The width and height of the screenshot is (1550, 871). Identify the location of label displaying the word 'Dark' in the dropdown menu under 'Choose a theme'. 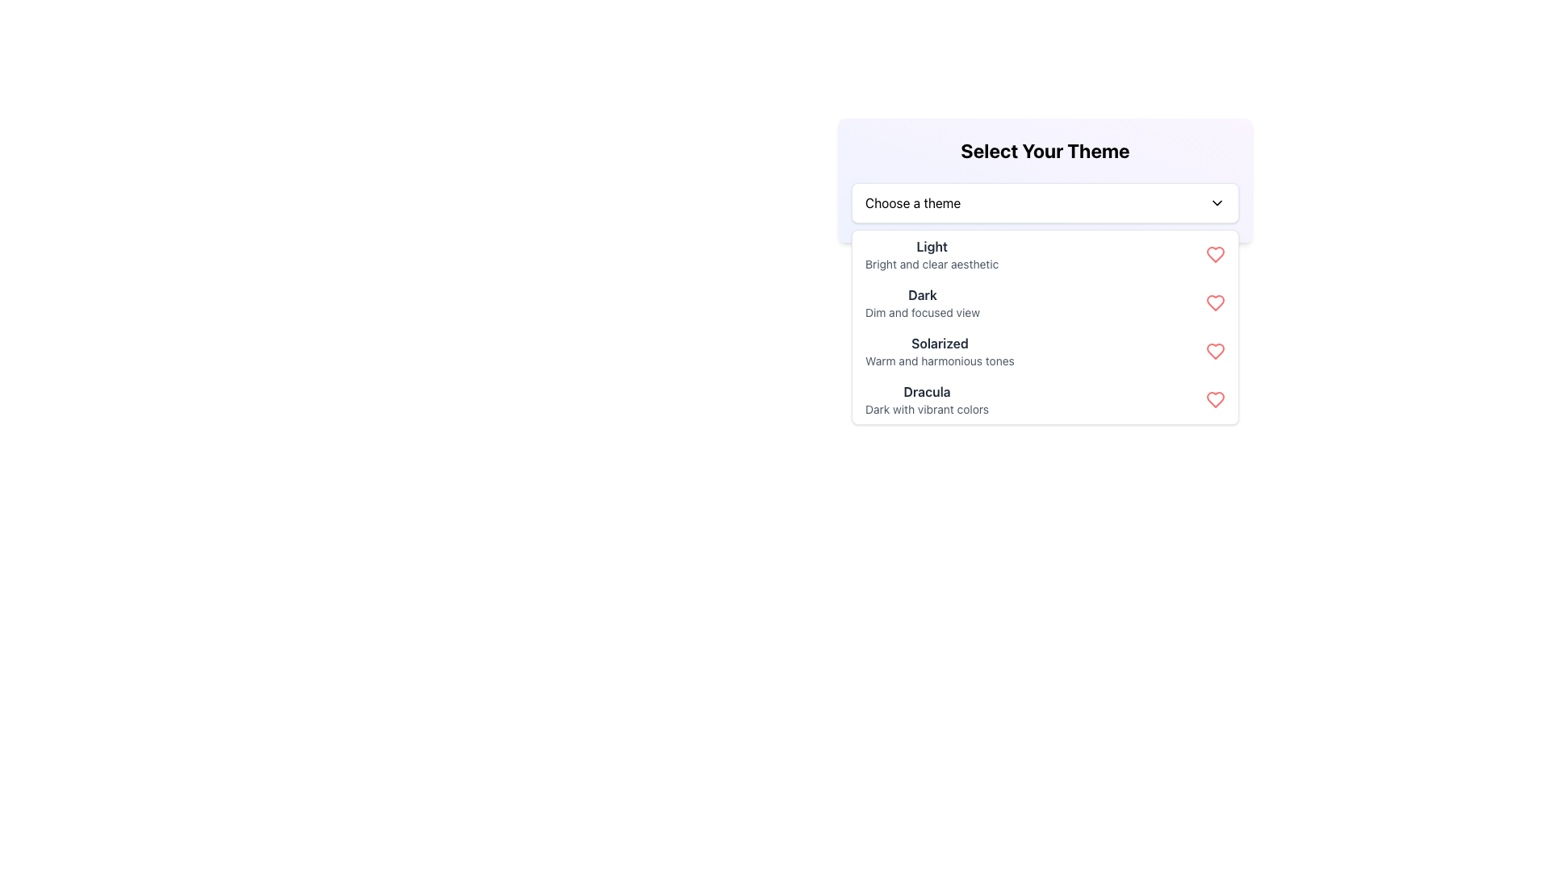
(922, 295).